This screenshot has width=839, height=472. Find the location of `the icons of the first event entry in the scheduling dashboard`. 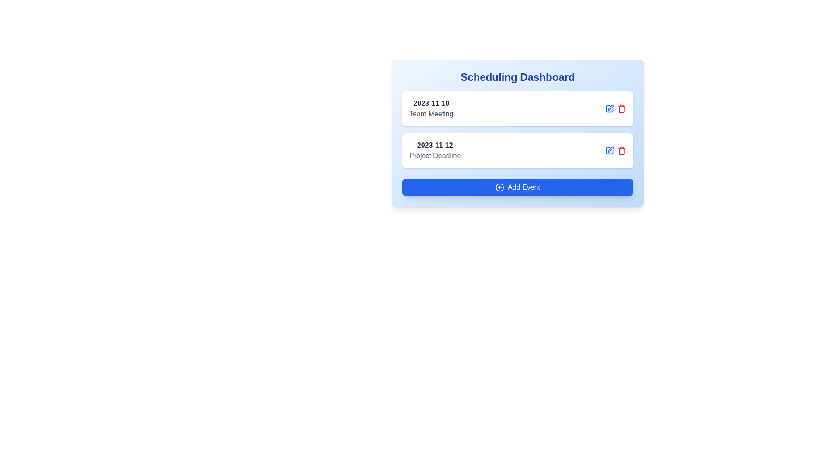

the icons of the first event entry in the scheduling dashboard is located at coordinates (518, 108).